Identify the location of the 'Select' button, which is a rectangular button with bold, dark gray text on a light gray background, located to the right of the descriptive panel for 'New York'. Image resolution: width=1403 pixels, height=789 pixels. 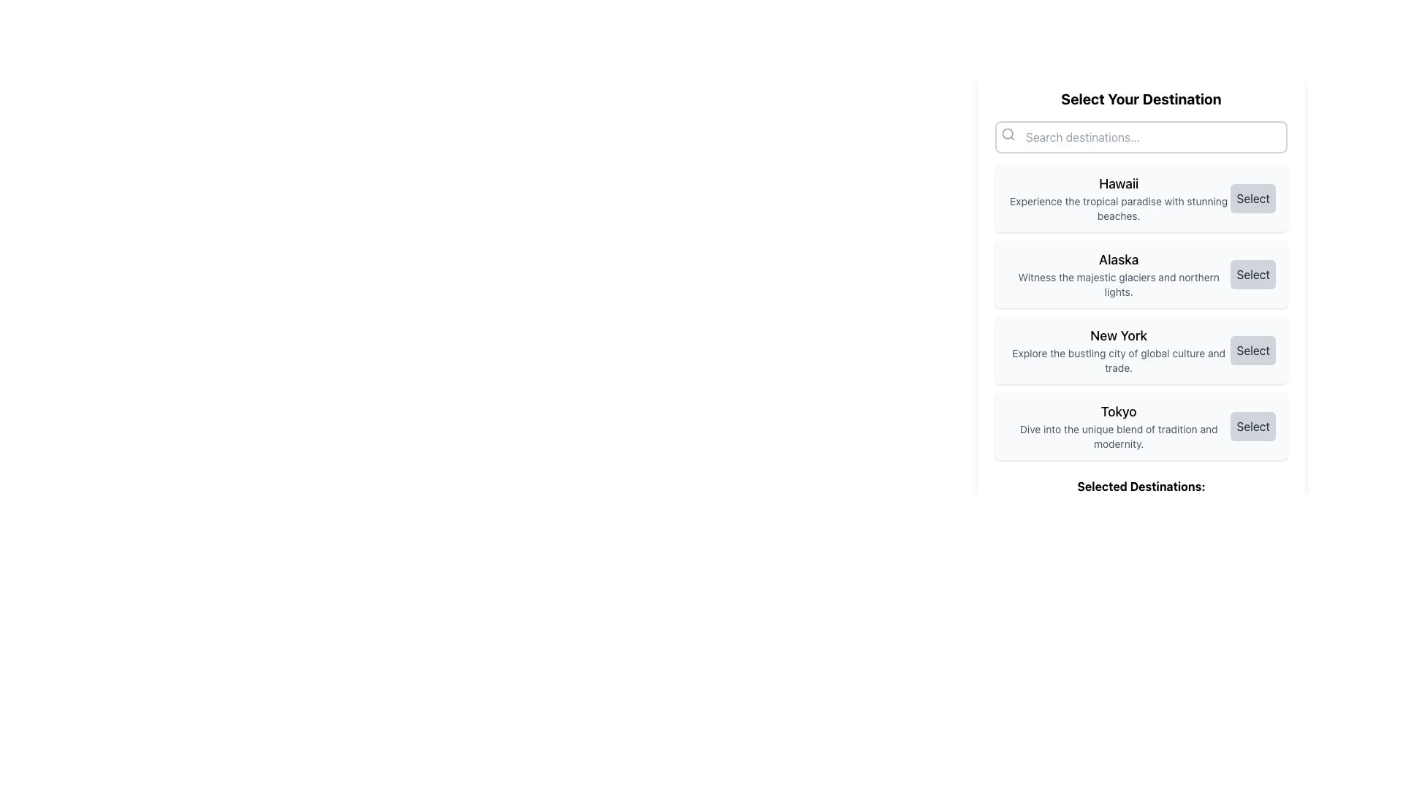
(1252, 350).